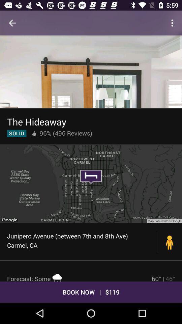 The image size is (182, 324). Describe the element at coordinates (17, 133) in the screenshot. I see `green button` at that location.